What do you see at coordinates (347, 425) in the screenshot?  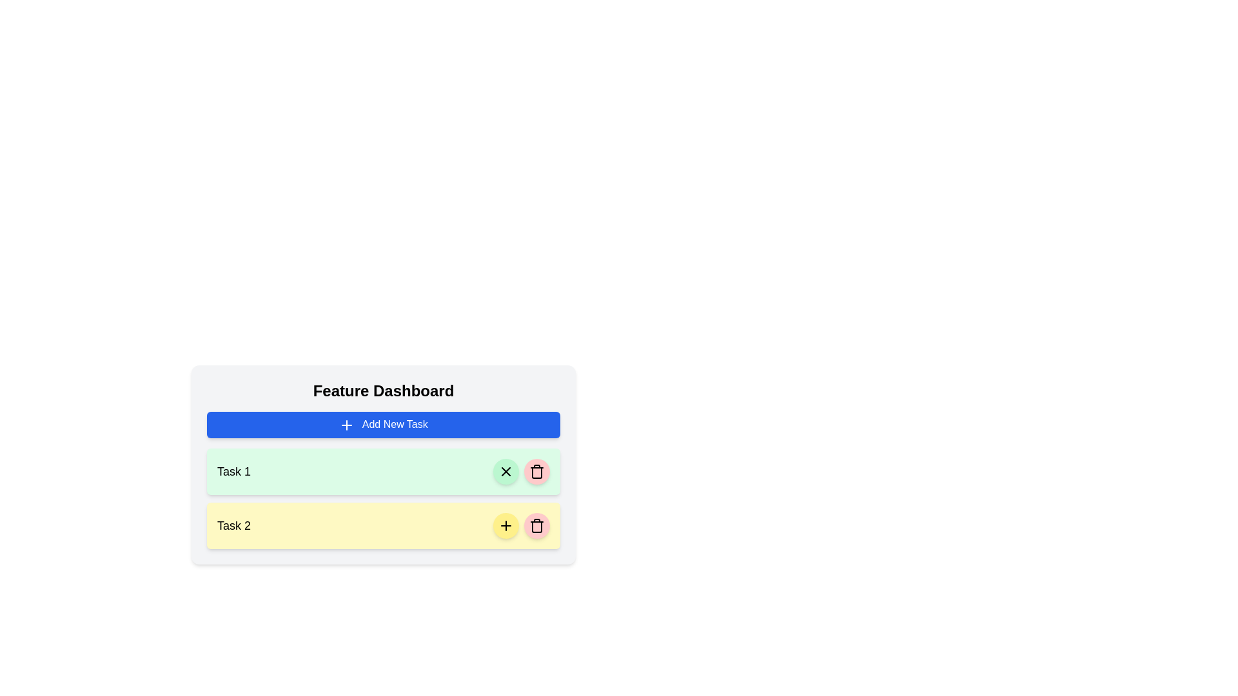 I see `the icon that visually represents the action of adding a new task, located to the left of the text label within the 'Add New Task' button on a blue background` at bounding box center [347, 425].